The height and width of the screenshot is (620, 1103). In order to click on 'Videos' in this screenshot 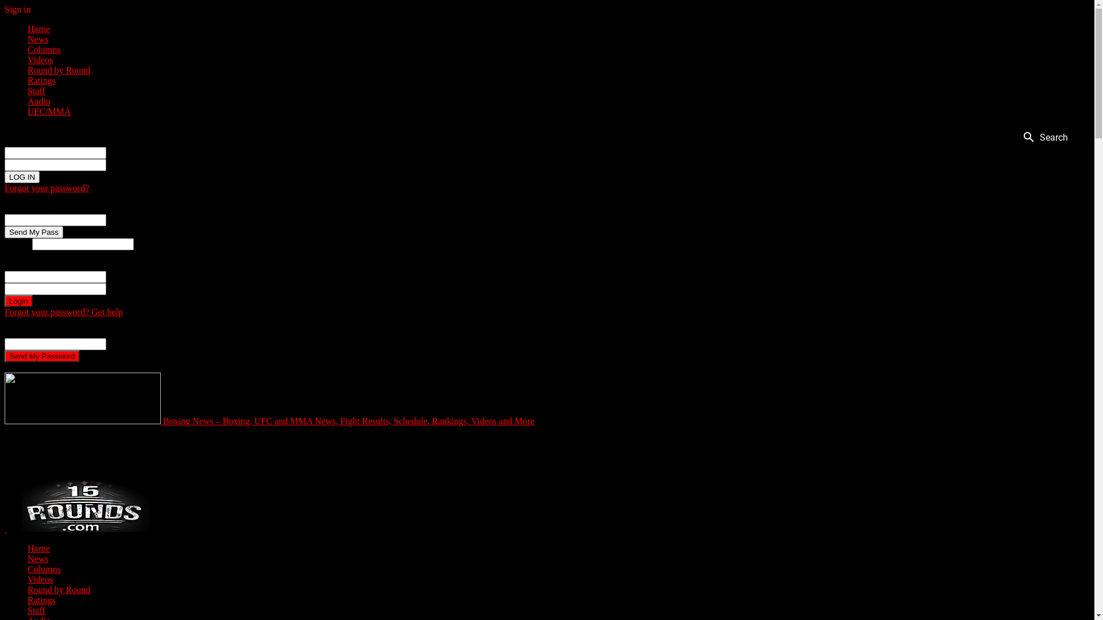, I will do `click(40, 60)`.